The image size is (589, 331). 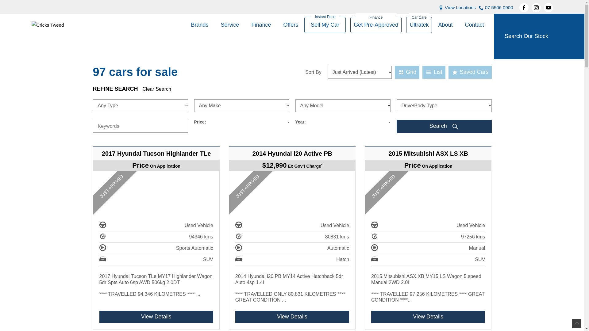 What do you see at coordinates (470, 72) in the screenshot?
I see `'Saved Cars'` at bounding box center [470, 72].